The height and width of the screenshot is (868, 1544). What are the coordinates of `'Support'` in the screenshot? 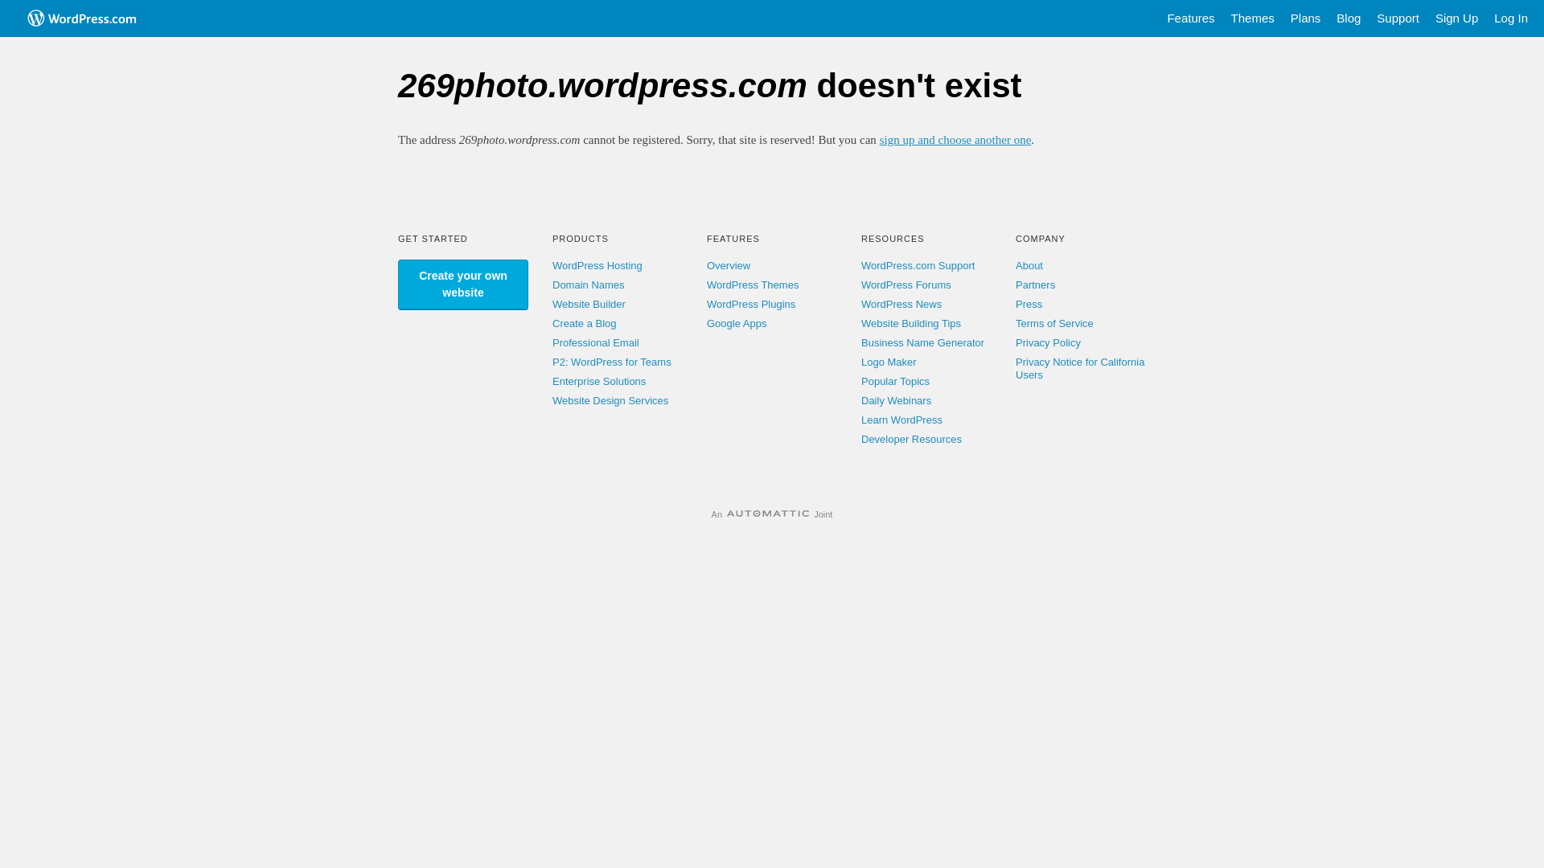 It's located at (1397, 18).